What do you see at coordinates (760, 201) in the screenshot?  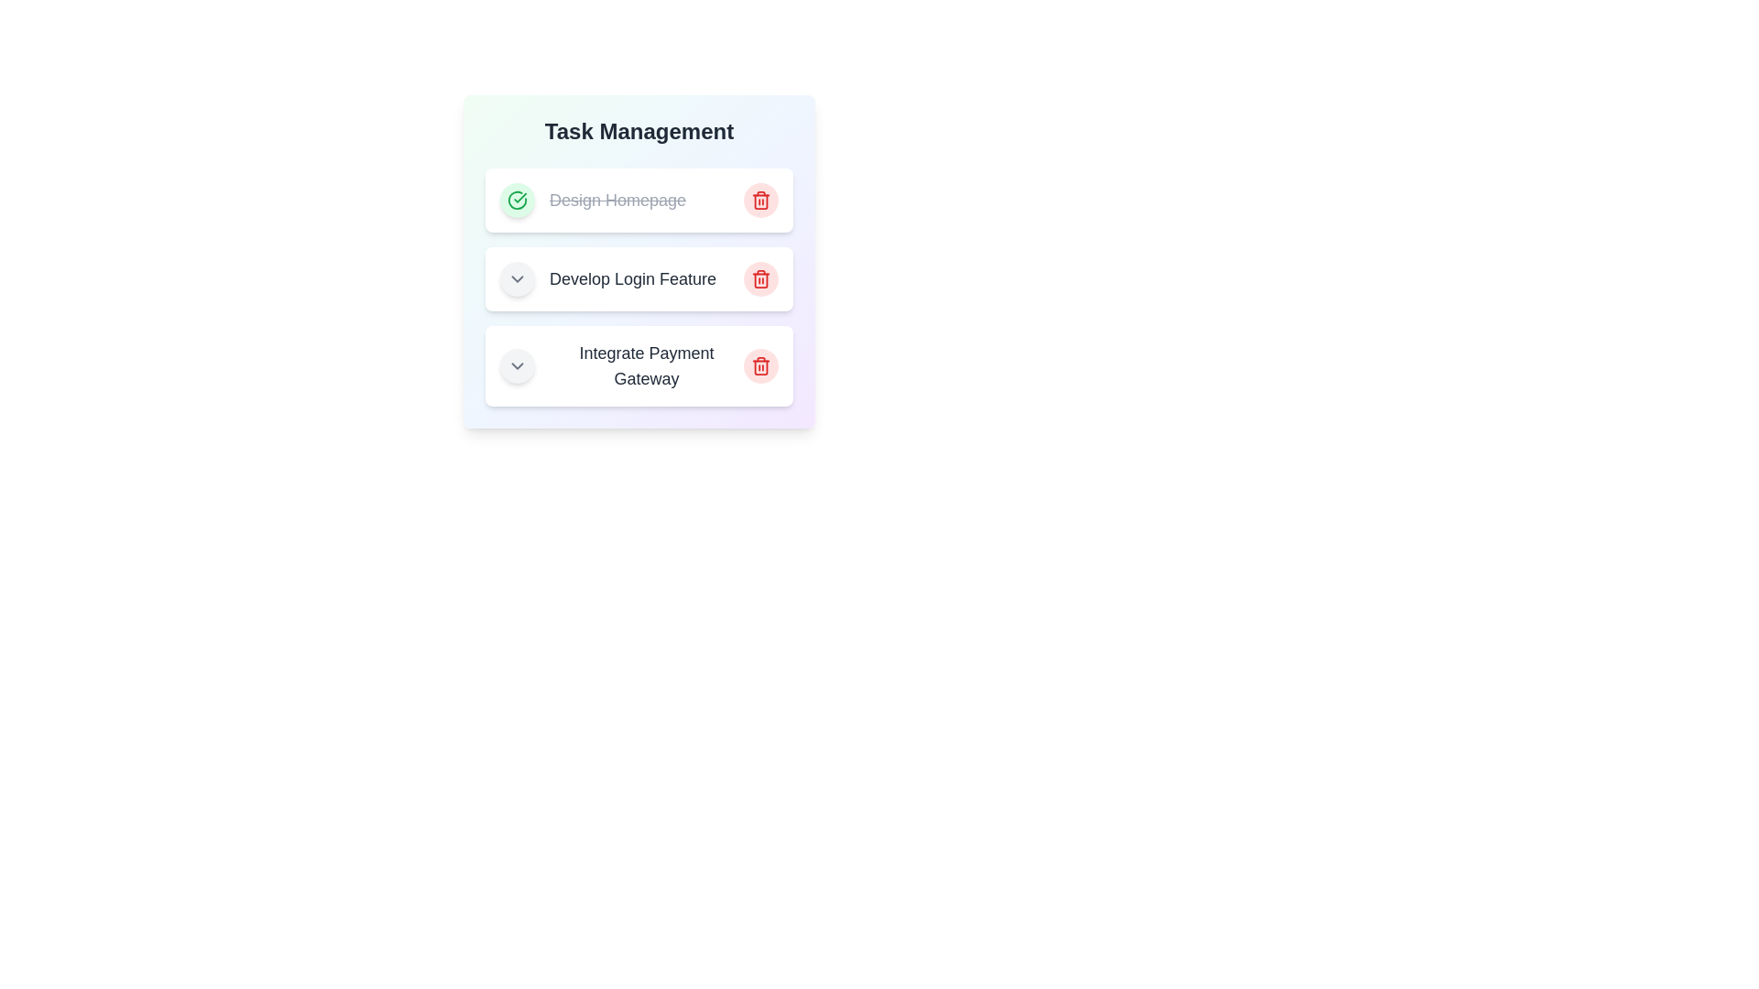 I see `the delete button for the task 'Design Homepage'` at bounding box center [760, 201].